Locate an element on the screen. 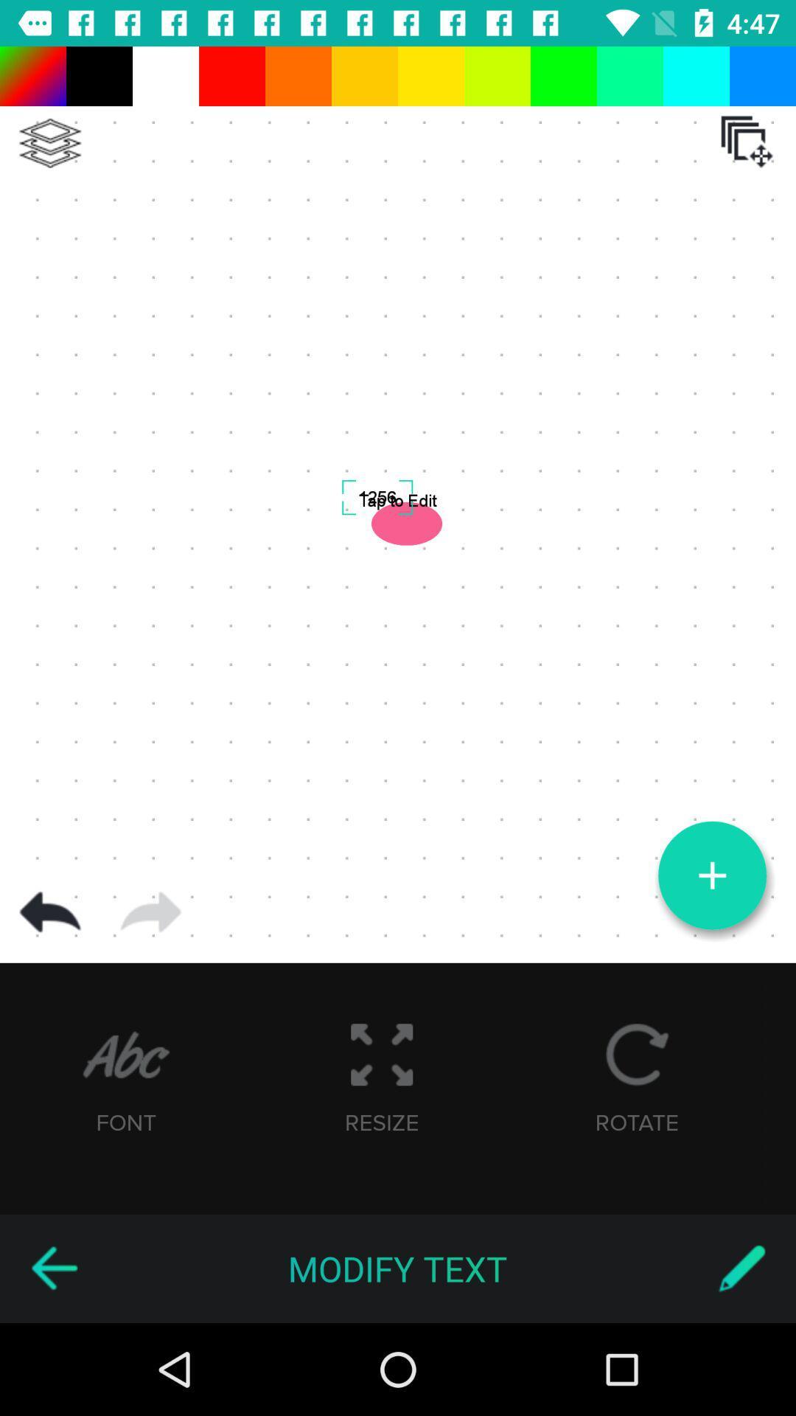 The width and height of the screenshot is (796, 1416). share button is located at coordinates (150, 912).